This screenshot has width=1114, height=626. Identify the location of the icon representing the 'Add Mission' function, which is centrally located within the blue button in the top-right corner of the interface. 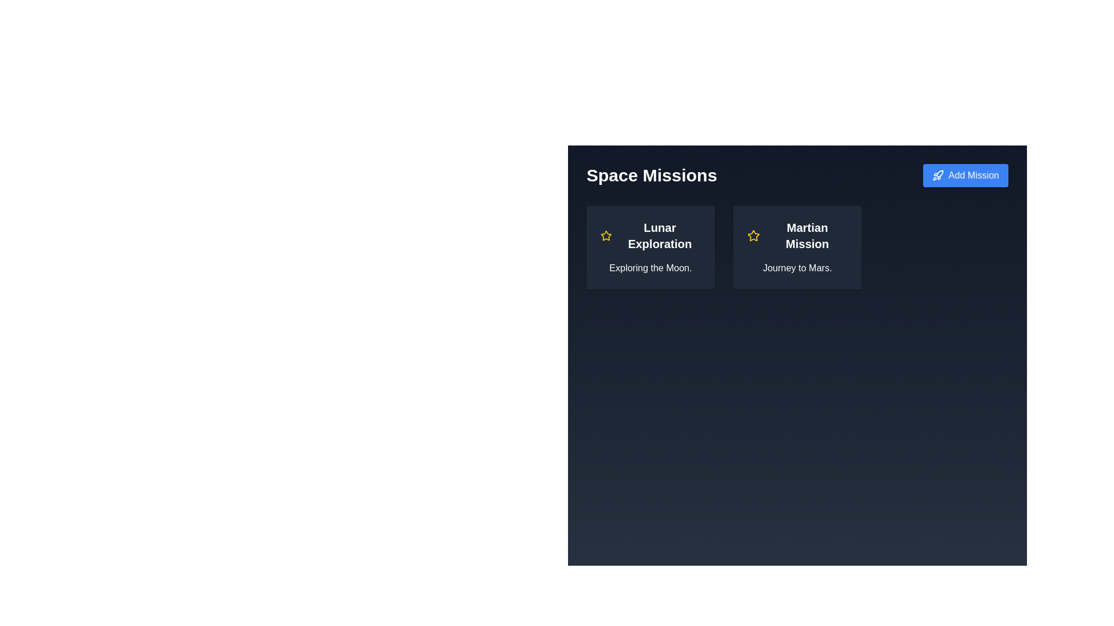
(939, 174).